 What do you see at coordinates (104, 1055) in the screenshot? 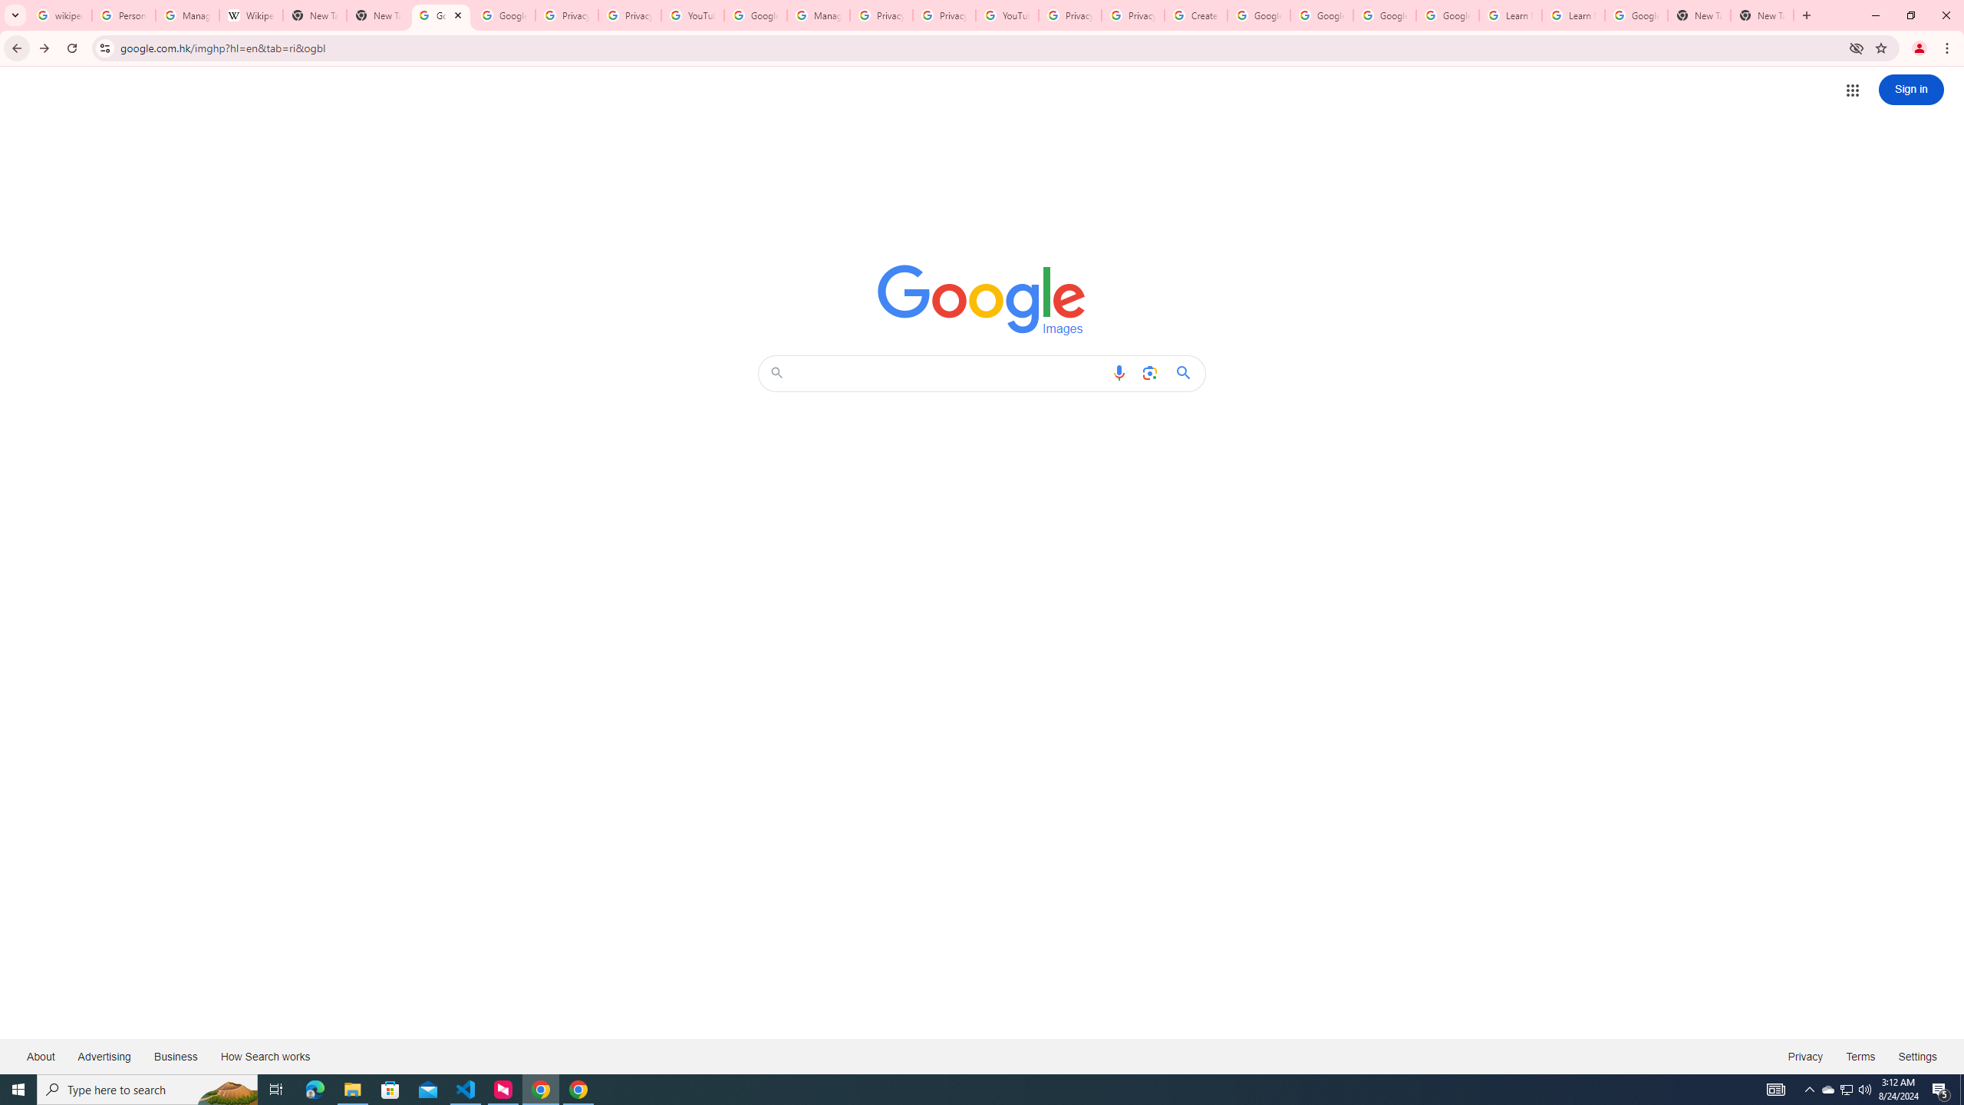
I see `'Advertising'` at bounding box center [104, 1055].